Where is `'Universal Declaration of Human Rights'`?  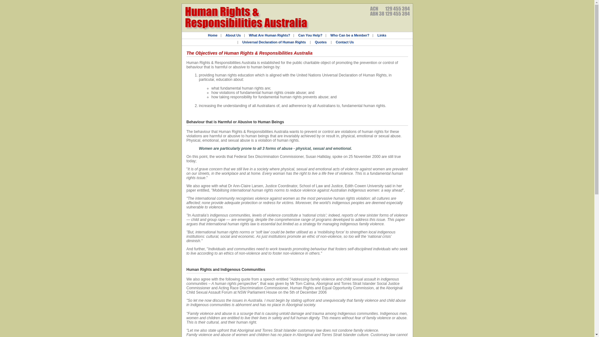 'Universal Declaration of Human Rights' is located at coordinates (274, 42).